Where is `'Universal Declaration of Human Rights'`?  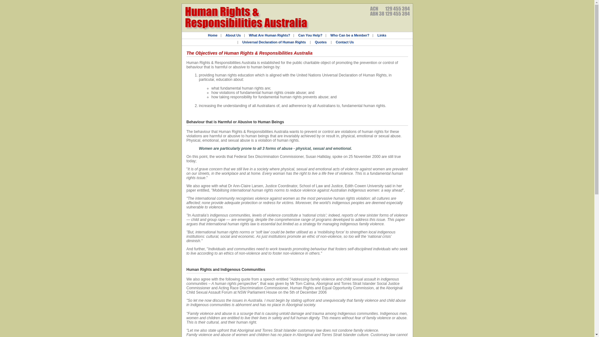 'Universal Declaration of Human Rights' is located at coordinates (274, 42).